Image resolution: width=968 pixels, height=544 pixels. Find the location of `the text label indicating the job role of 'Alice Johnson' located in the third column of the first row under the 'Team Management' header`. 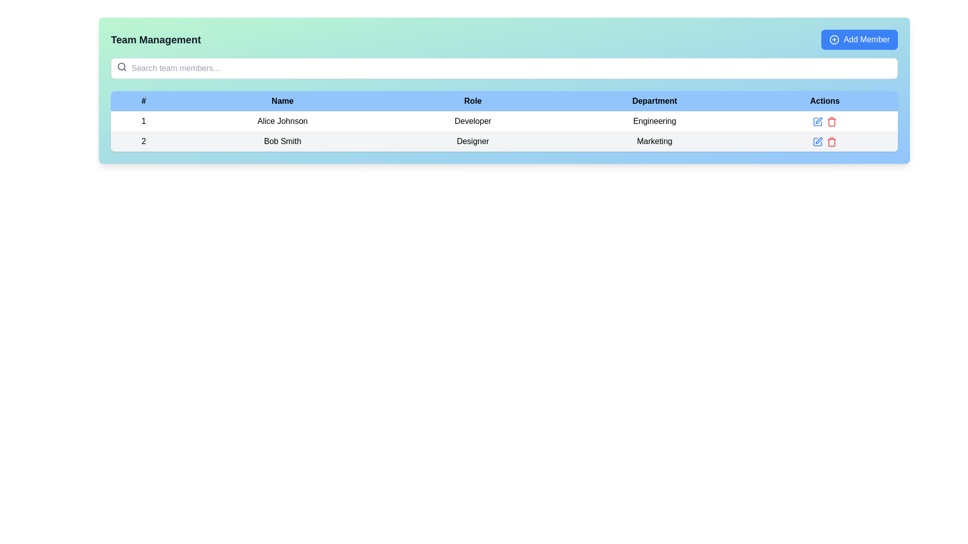

the text label indicating the job role of 'Alice Johnson' located in the third column of the first row under the 'Team Management' header is located at coordinates (472, 120).